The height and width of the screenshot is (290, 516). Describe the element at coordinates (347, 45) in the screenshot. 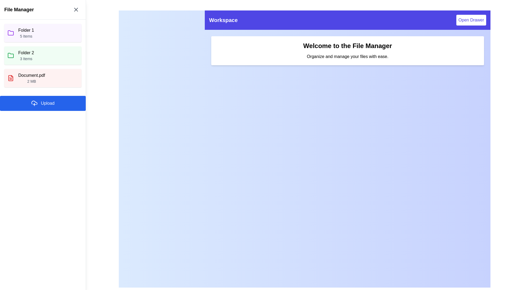

I see `the prominent title text 'Welcome to the File Manager', which is a bold and large font element located in the upper-right section of the main interface` at that location.